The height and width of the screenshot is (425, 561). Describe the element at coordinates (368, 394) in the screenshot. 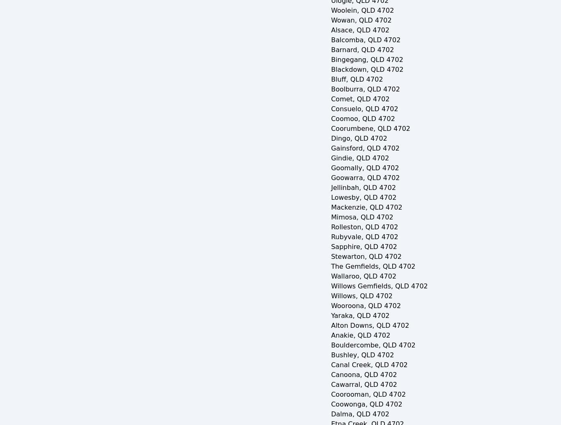

I see `'Coorooman, QLD 4702'` at that location.